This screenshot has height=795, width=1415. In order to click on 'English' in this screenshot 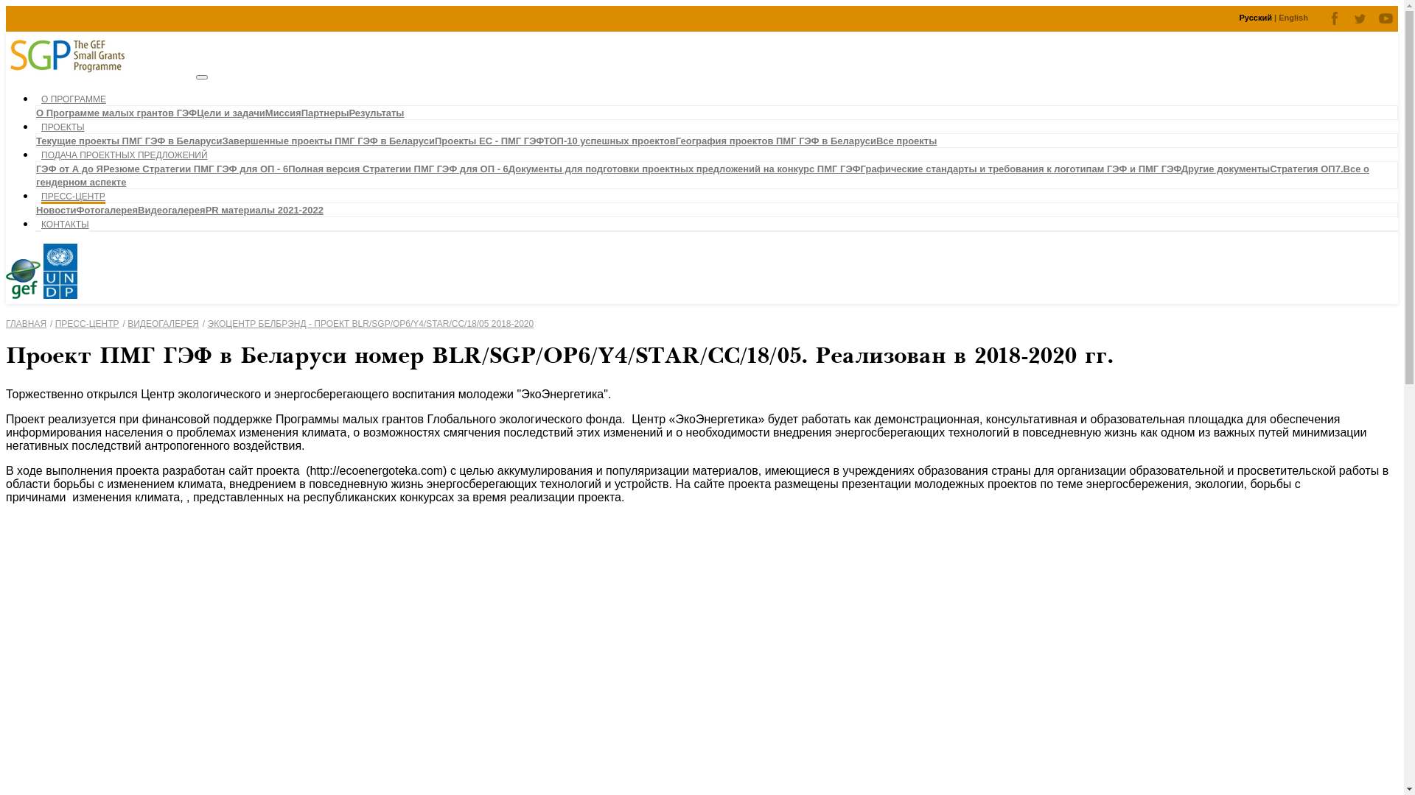, I will do `click(1293, 17)`.